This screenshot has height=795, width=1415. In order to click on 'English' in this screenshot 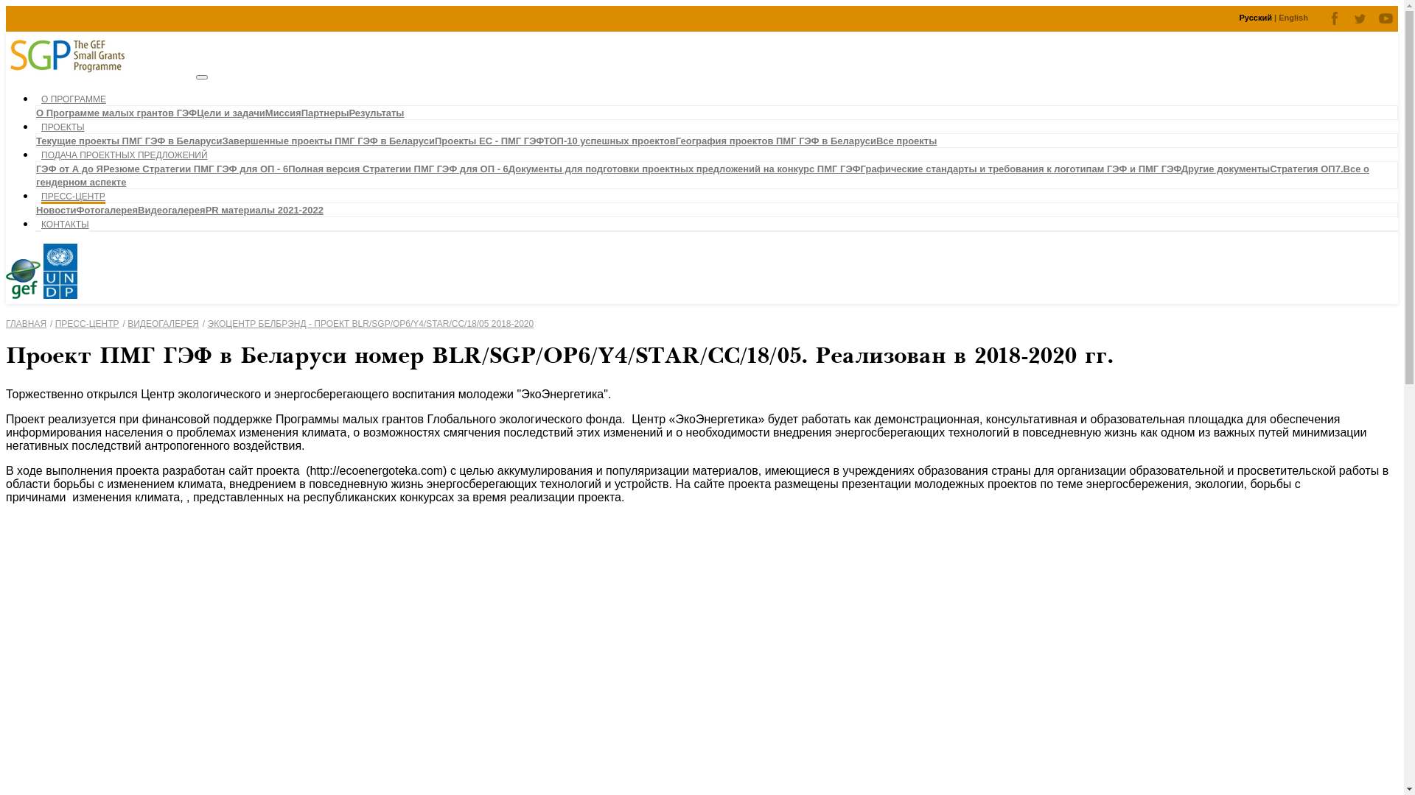, I will do `click(1293, 17)`.